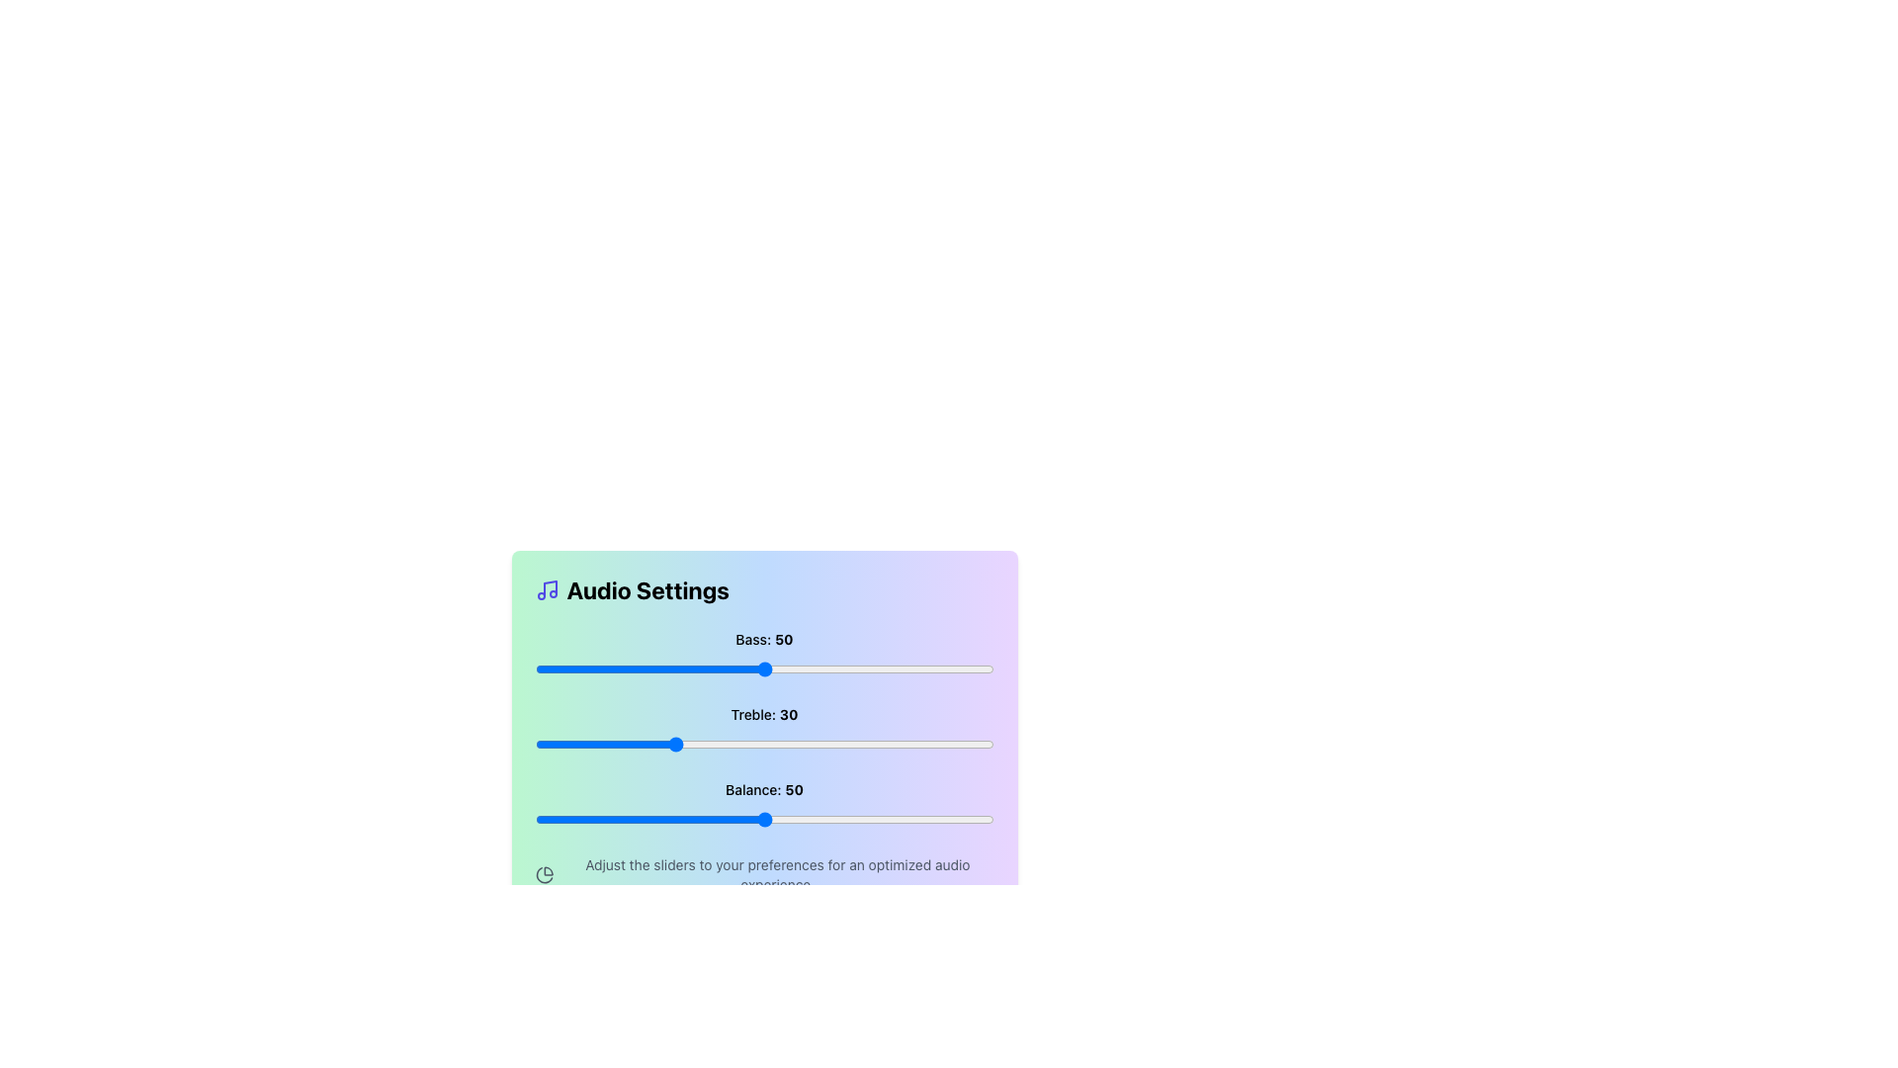 The width and height of the screenshot is (1898, 1068). Describe the element at coordinates (797, 820) in the screenshot. I see `the balance` at that location.